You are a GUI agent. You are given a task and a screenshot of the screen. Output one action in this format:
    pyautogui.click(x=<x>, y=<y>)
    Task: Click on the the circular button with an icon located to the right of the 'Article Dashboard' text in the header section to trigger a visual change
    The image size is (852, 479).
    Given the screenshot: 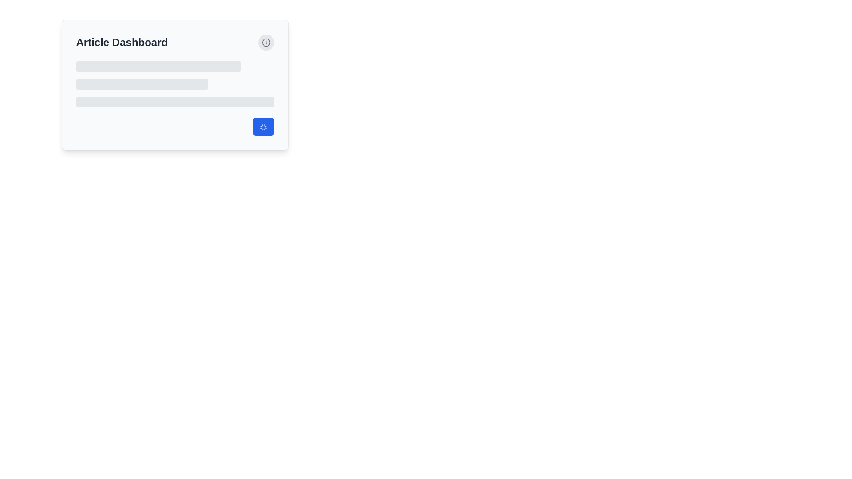 What is the action you would take?
    pyautogui.click(x=265, y=43)
    